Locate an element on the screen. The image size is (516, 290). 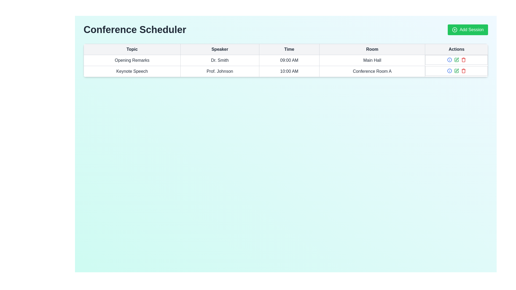
the Table Header Cell labeled 'Time', which is the third column header in the table, located between the 'Speaker' and 'Room' columns is located at coordinates (285, 49).